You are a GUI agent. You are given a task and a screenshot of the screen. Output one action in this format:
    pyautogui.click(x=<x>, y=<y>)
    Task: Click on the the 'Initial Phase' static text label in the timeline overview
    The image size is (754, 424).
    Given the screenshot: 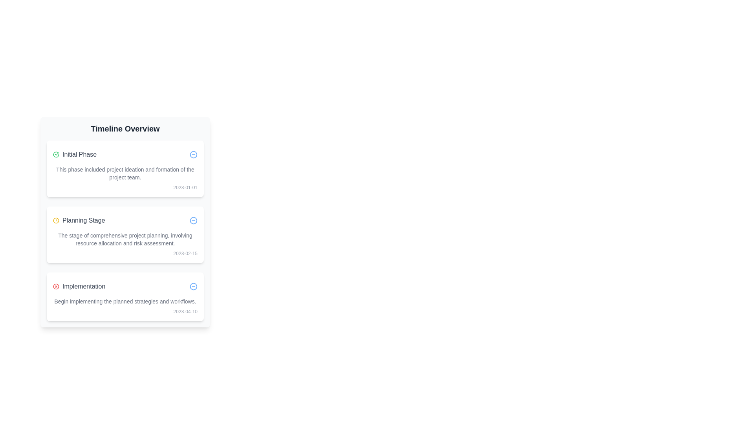 What is the action you would take?
    pyautogui.click(x=75, y=154)
    